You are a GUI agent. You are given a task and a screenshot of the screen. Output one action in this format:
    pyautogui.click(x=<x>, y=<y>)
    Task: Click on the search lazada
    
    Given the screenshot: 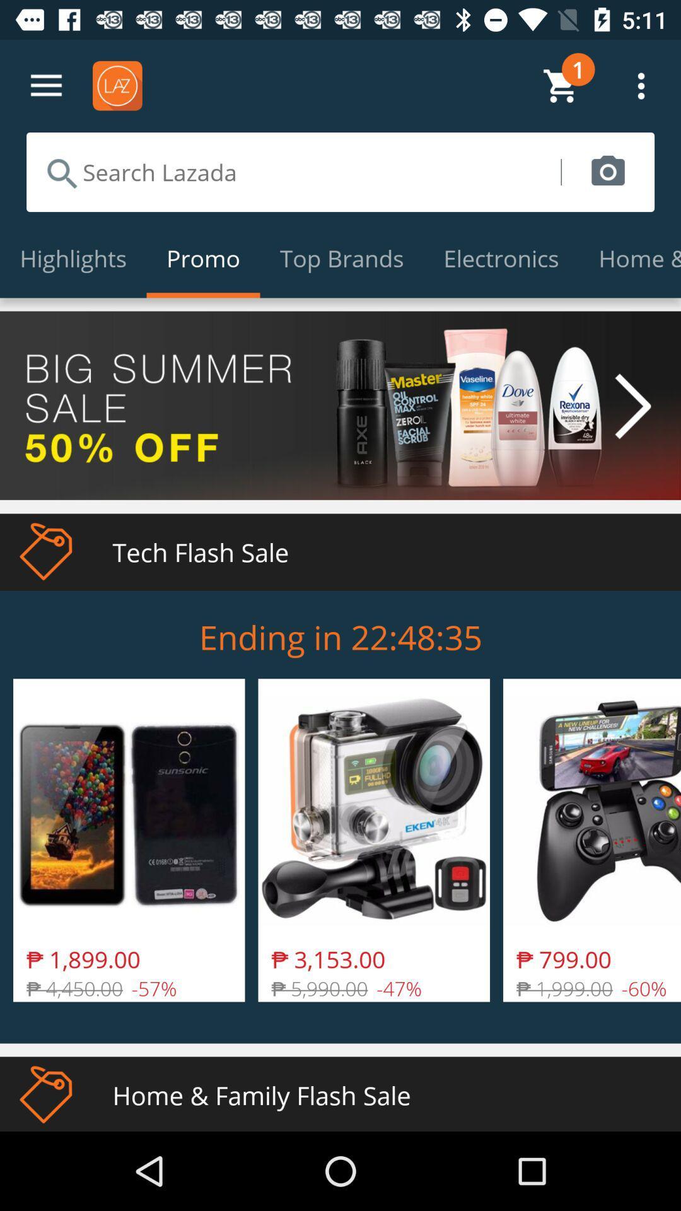 What is the action you would take?
    pyautogui.click(x=293, y=172)
    